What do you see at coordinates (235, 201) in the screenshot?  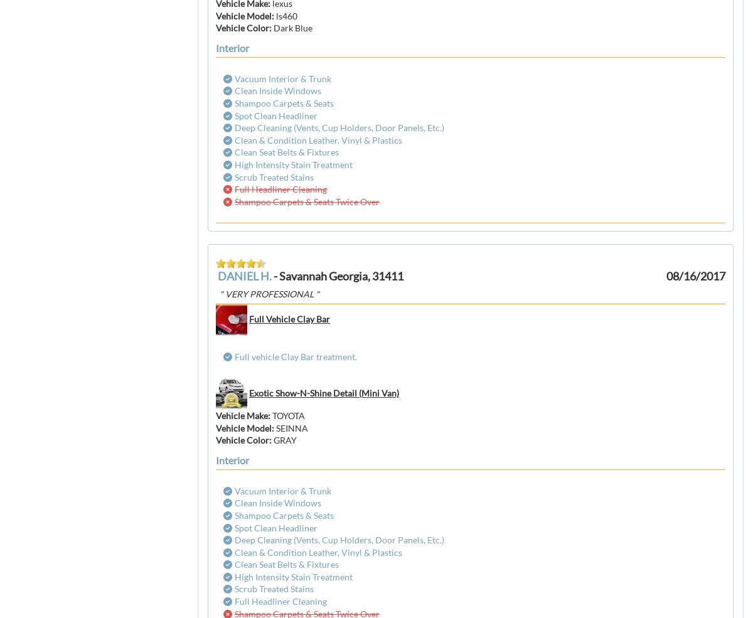 I see `'Shampoo Carpets & Seats Twice Over'` at bounding box center [235, 201].